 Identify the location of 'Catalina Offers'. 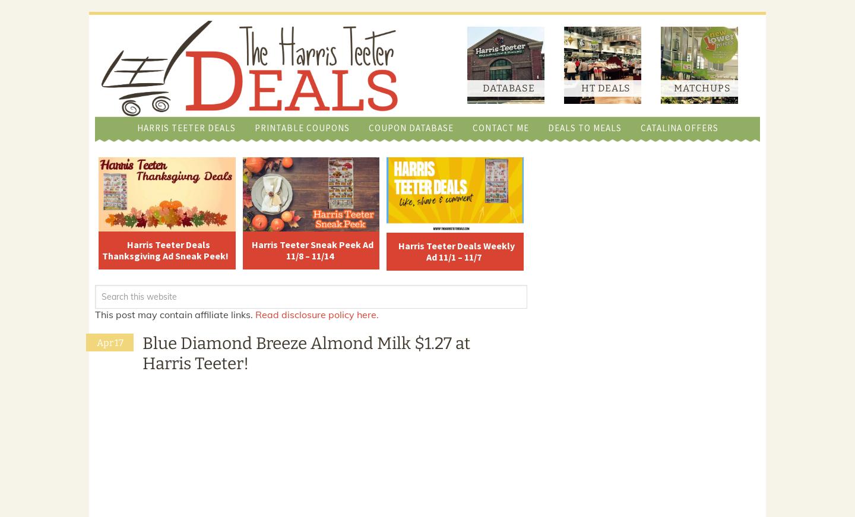
(639, 128).